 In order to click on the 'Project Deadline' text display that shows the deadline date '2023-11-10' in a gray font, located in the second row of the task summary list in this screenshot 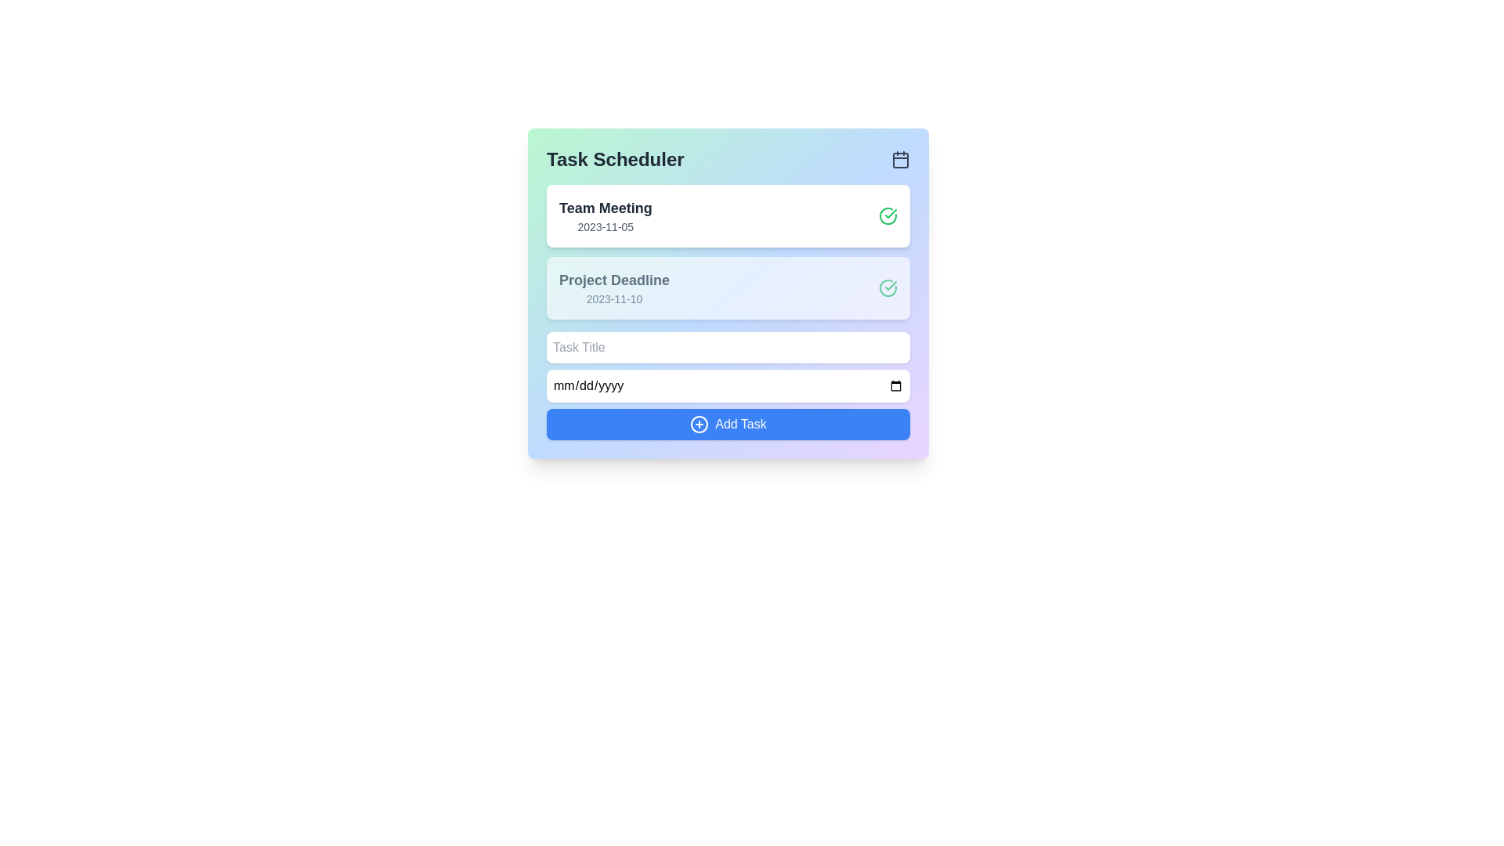, I will do `click(613, 287)`.